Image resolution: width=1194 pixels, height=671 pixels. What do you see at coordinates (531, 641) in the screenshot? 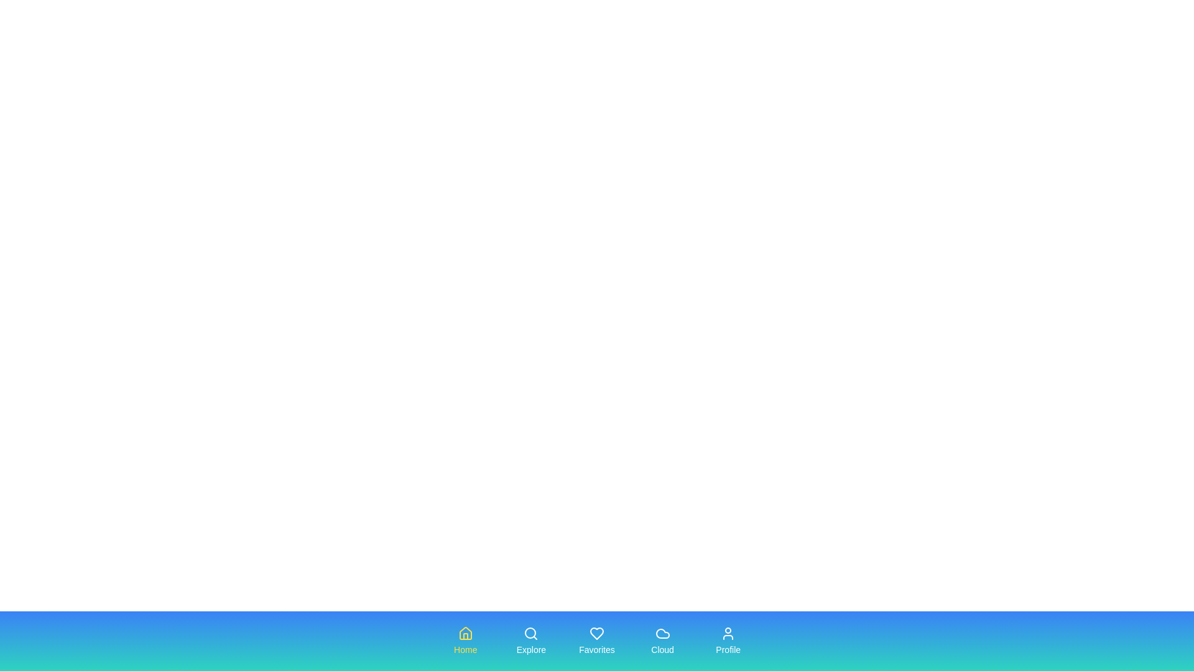
I see `the tab labeled Explore` at bounding box center [531, 641].